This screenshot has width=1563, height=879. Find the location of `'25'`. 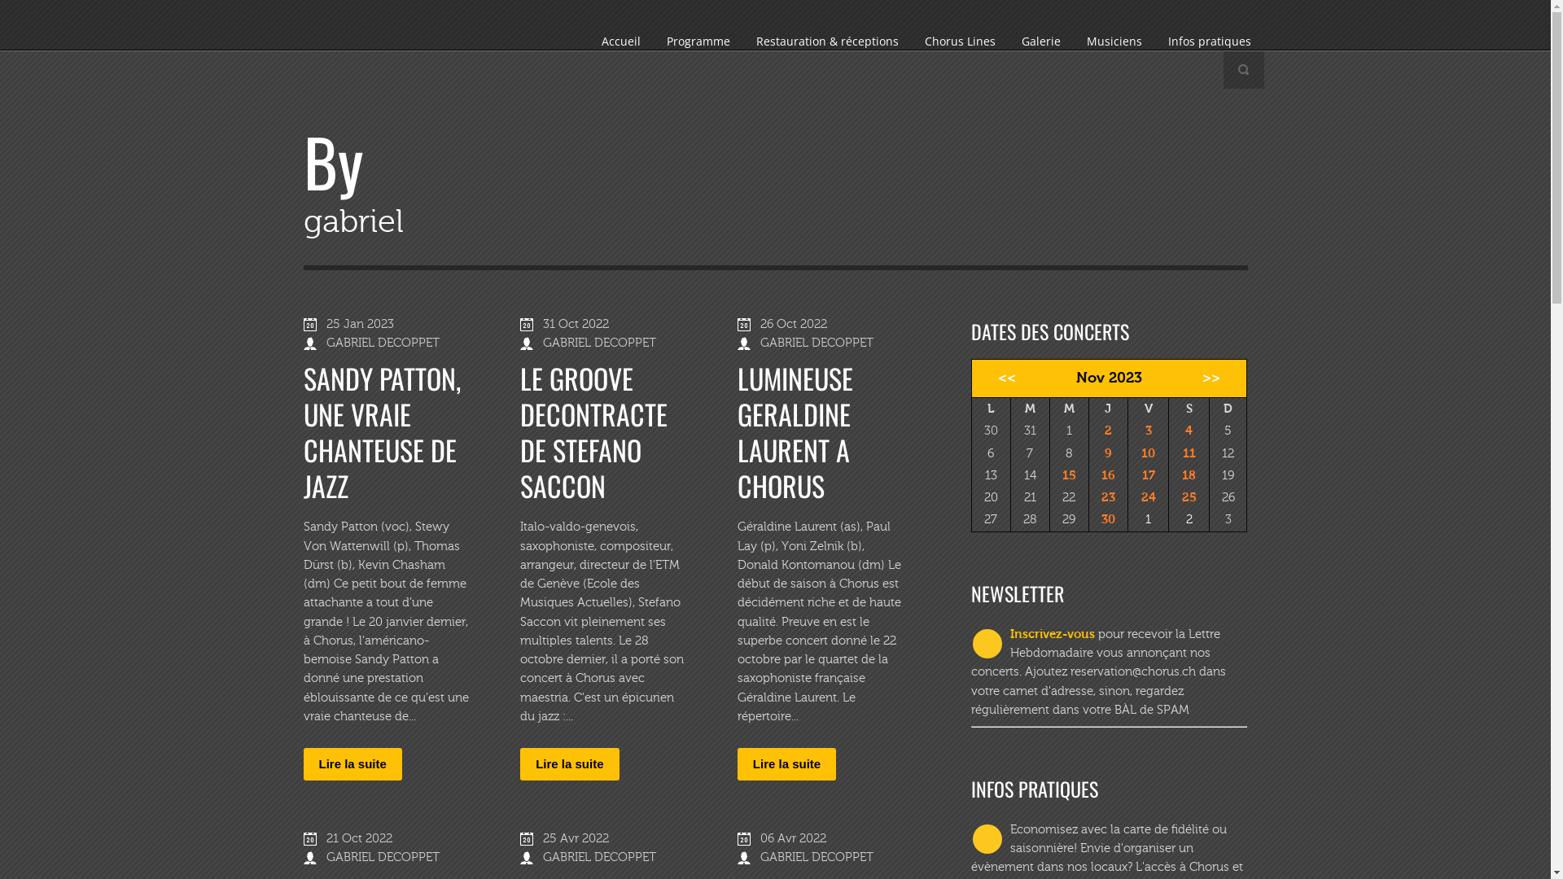

'25' is located at coordinates (1189, 496).